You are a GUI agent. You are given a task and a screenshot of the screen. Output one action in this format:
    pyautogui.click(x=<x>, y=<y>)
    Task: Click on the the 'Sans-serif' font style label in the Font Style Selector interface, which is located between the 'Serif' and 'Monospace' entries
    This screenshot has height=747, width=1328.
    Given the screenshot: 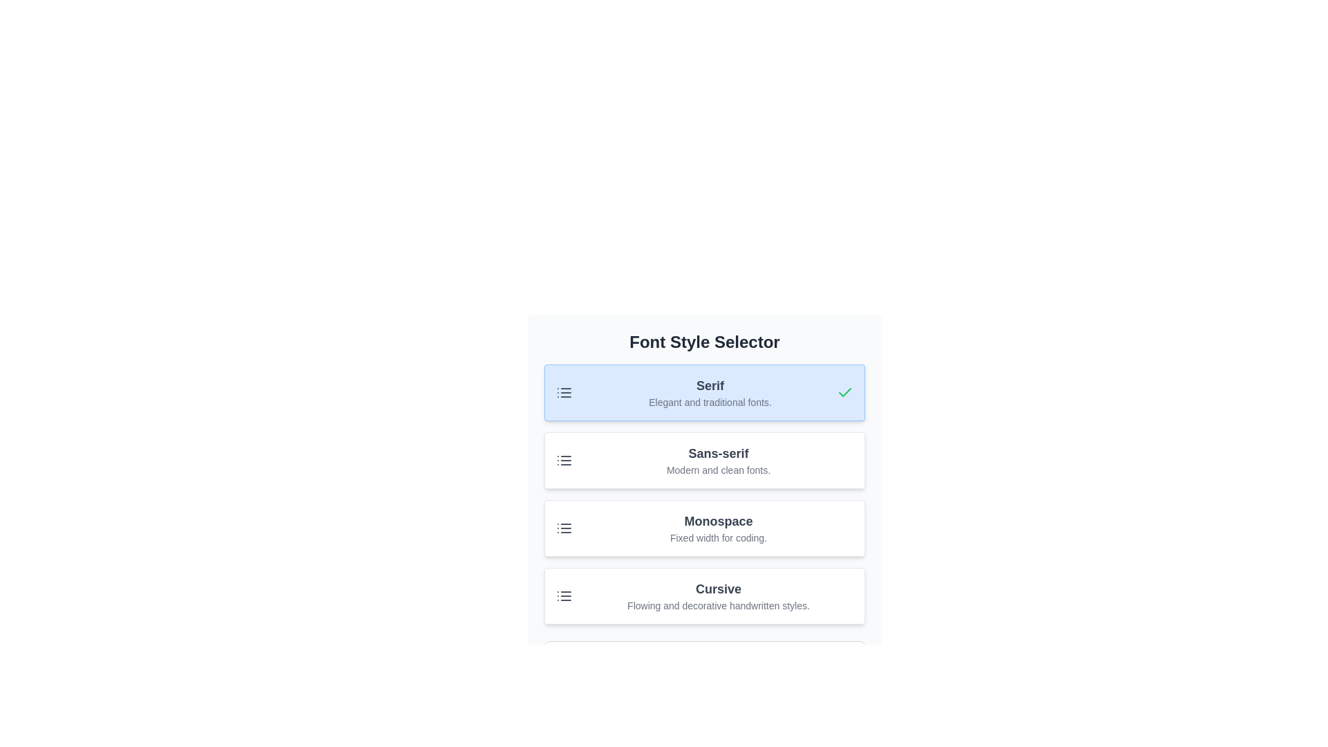 What is the action you would take?
    pyautogui.click(x=718, y=453)
    